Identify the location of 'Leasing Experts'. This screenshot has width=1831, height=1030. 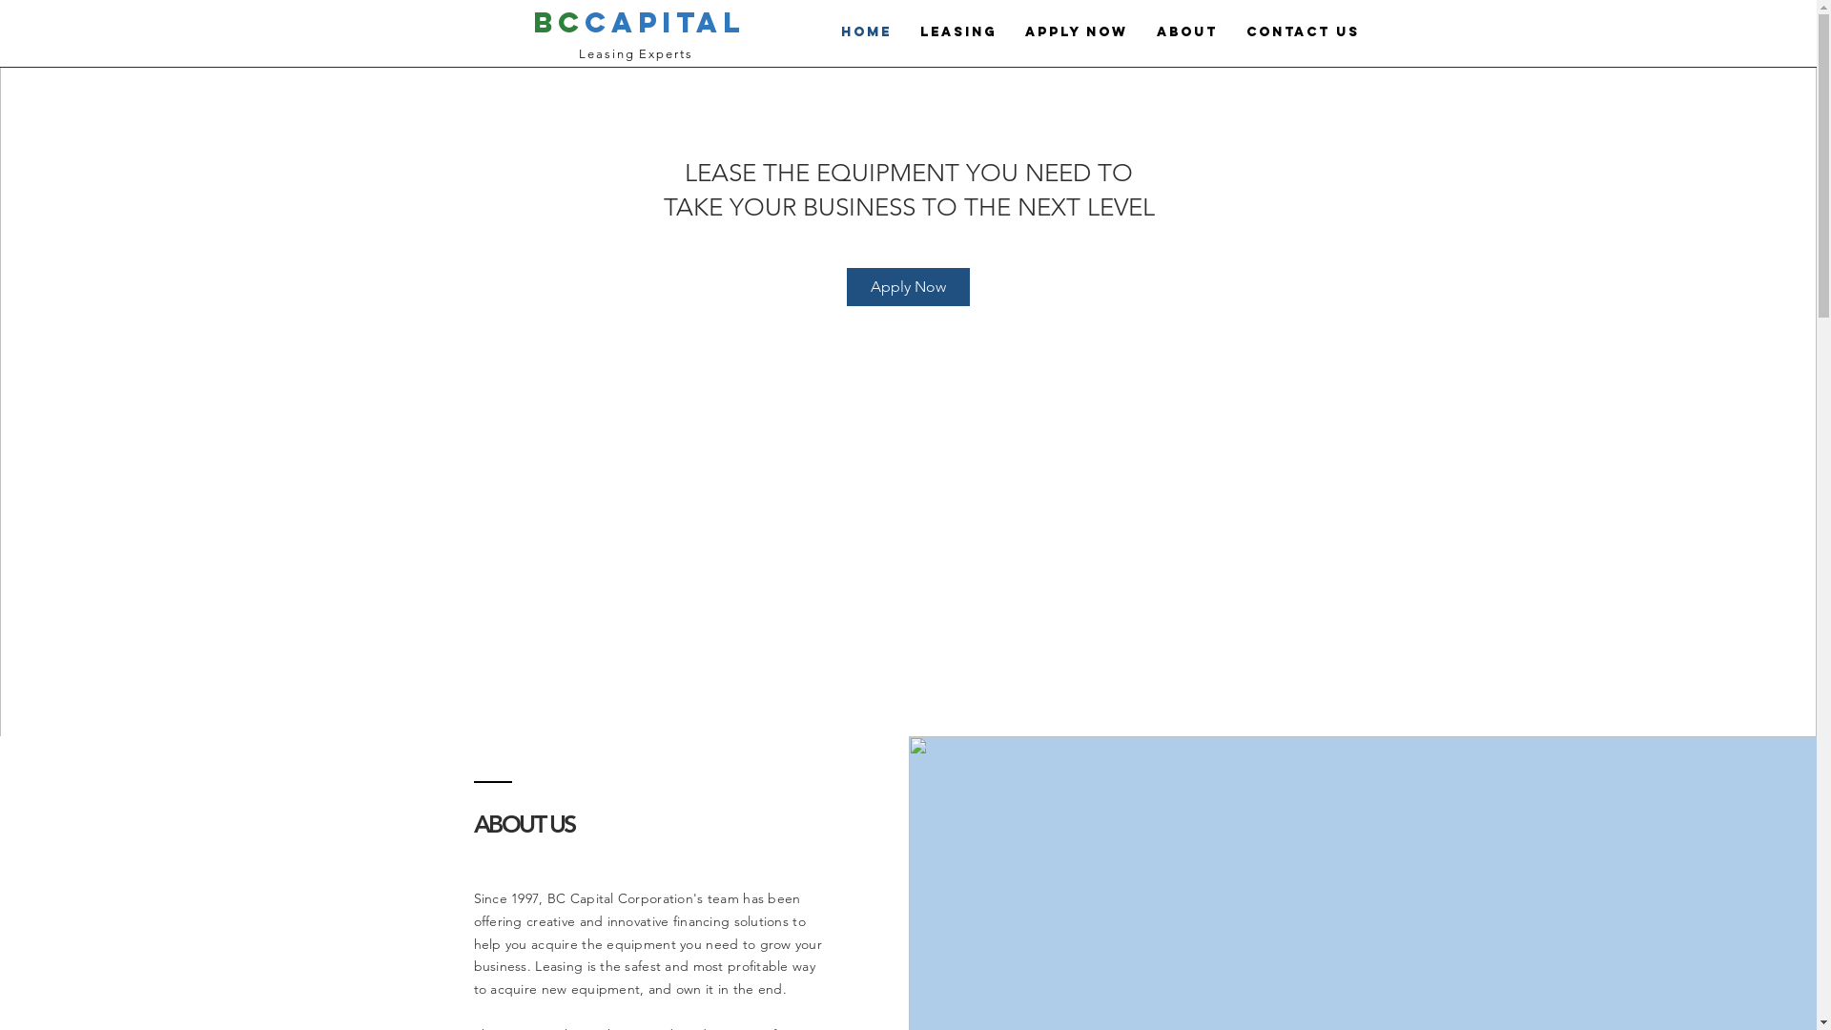
(636, 52).